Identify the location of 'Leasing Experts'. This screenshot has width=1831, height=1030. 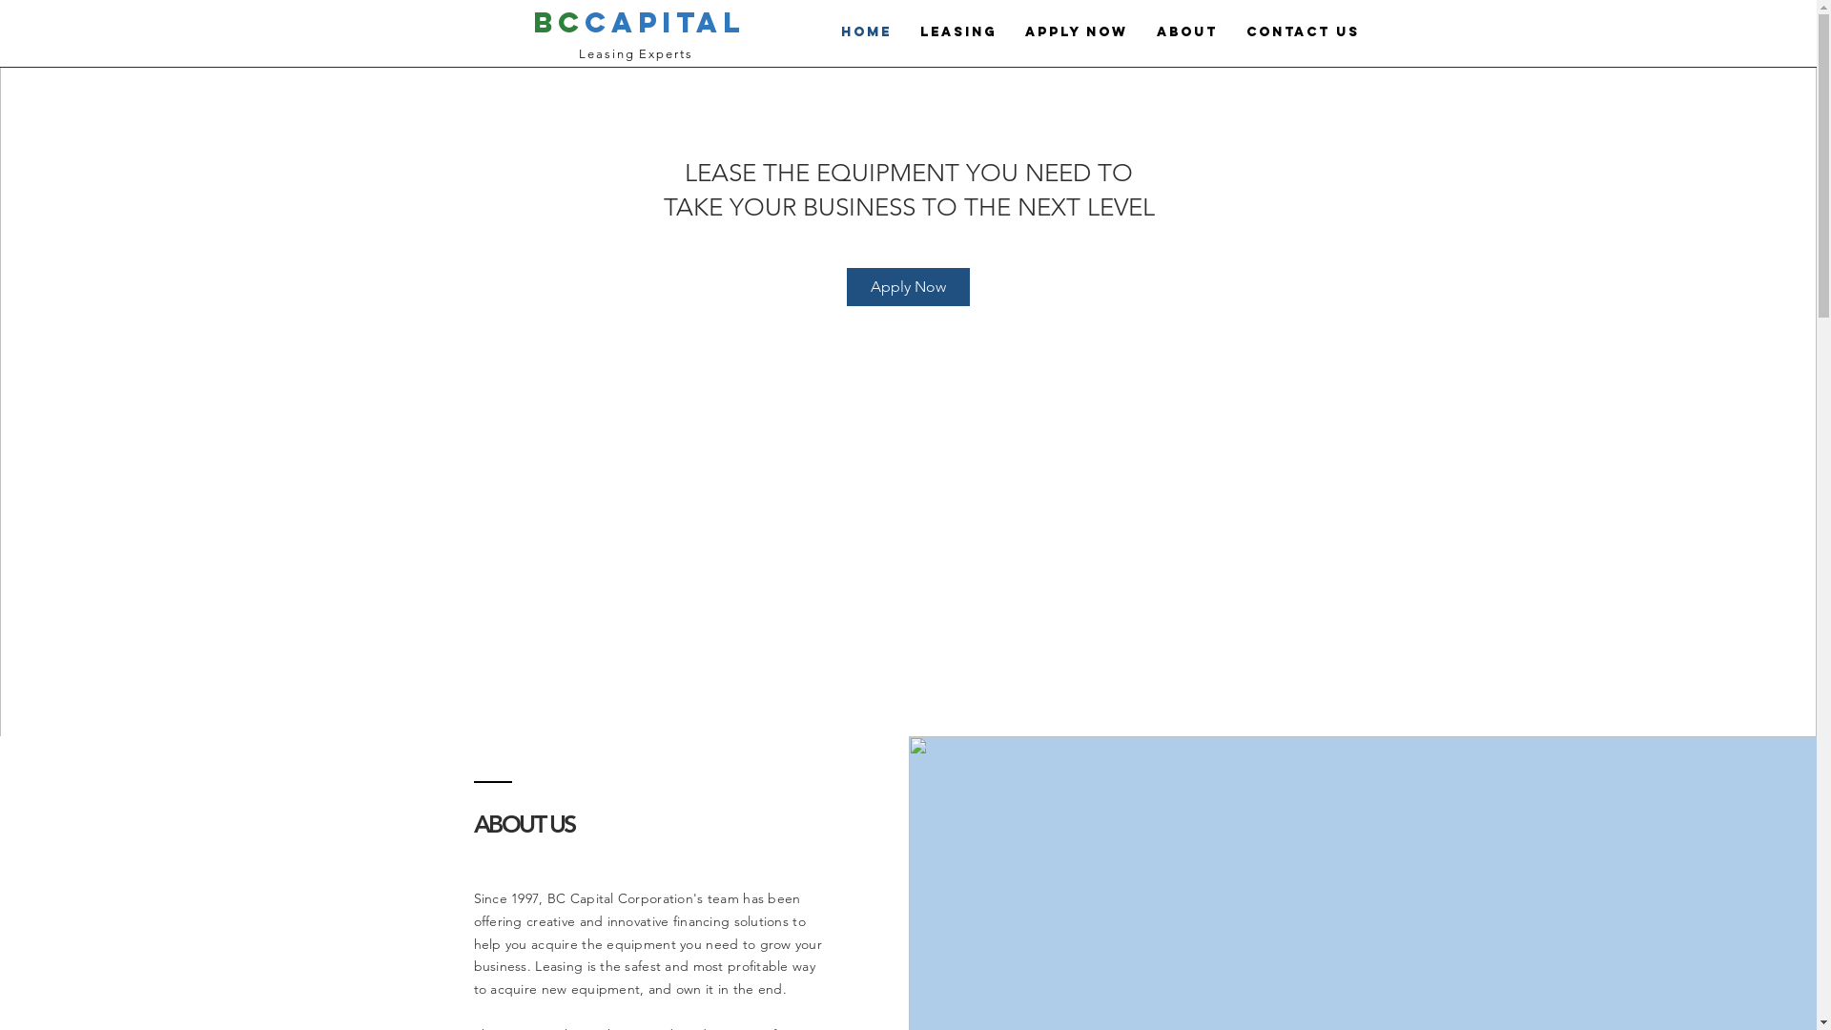
(636, 52).